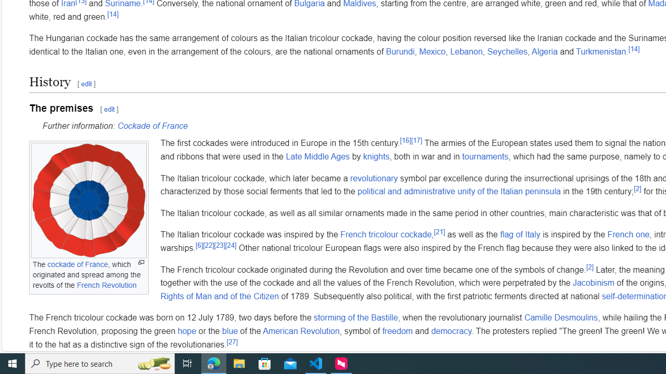 This screenshot has width=666, height=374. I want to click on '[24]', so click(230, 245).